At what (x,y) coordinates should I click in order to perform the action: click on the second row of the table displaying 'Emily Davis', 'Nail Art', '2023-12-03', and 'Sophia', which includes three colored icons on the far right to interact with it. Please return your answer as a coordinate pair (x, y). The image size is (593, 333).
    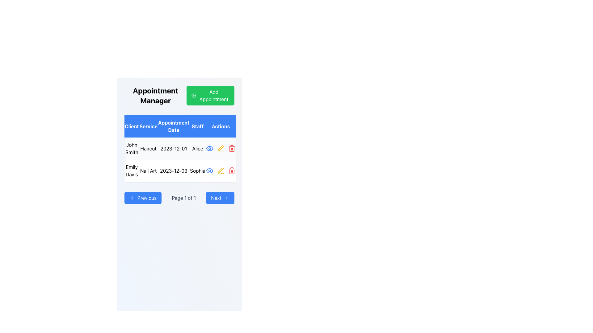
    Looking at the image, I should click on (180, 171).